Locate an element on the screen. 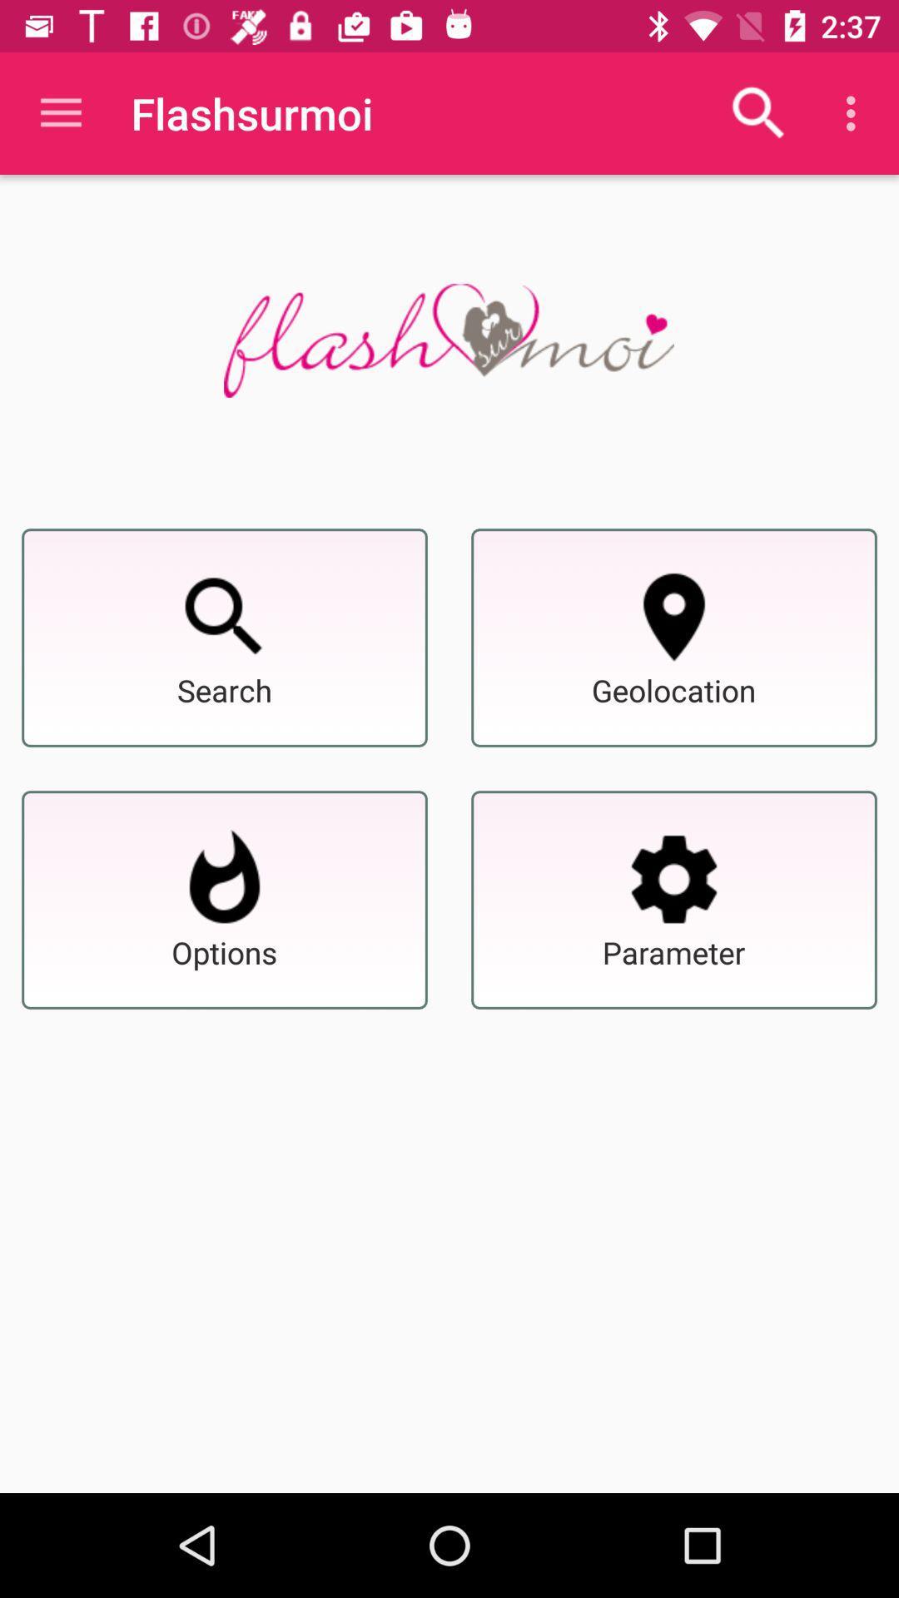 This screenshot has height=1598, width=899. search is located at coordinates (225, 616).